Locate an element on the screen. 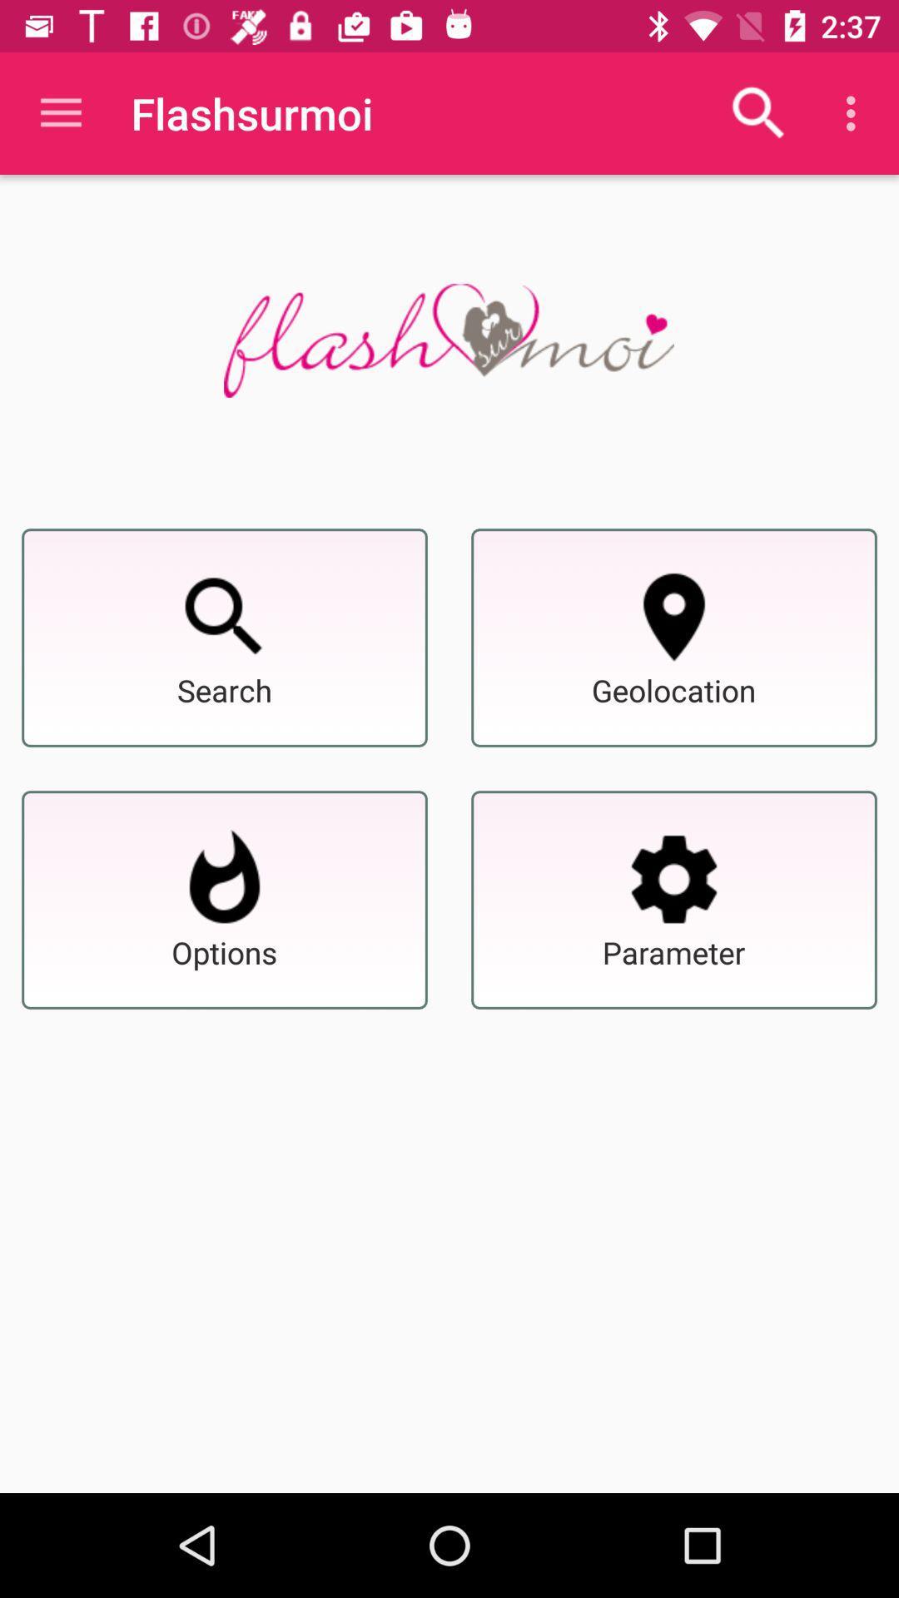 This screenshot has height=1598, width=899. search is located at coordinates (225, 616).